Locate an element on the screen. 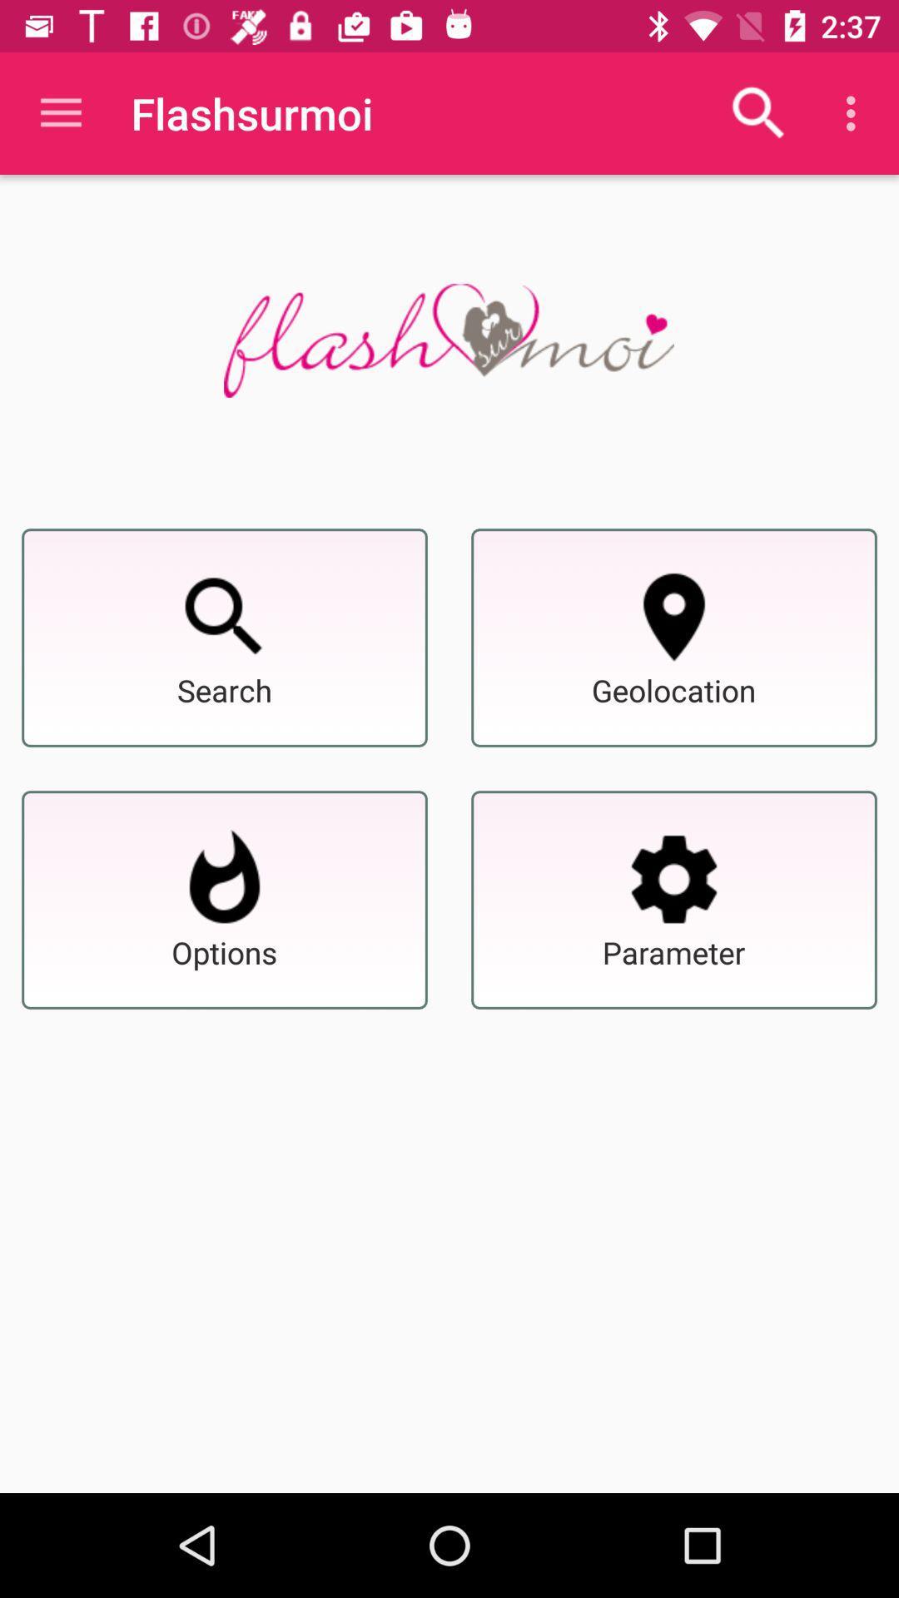 This screenshot has height=1598, width=899. search is located at coordinates (225, 616).